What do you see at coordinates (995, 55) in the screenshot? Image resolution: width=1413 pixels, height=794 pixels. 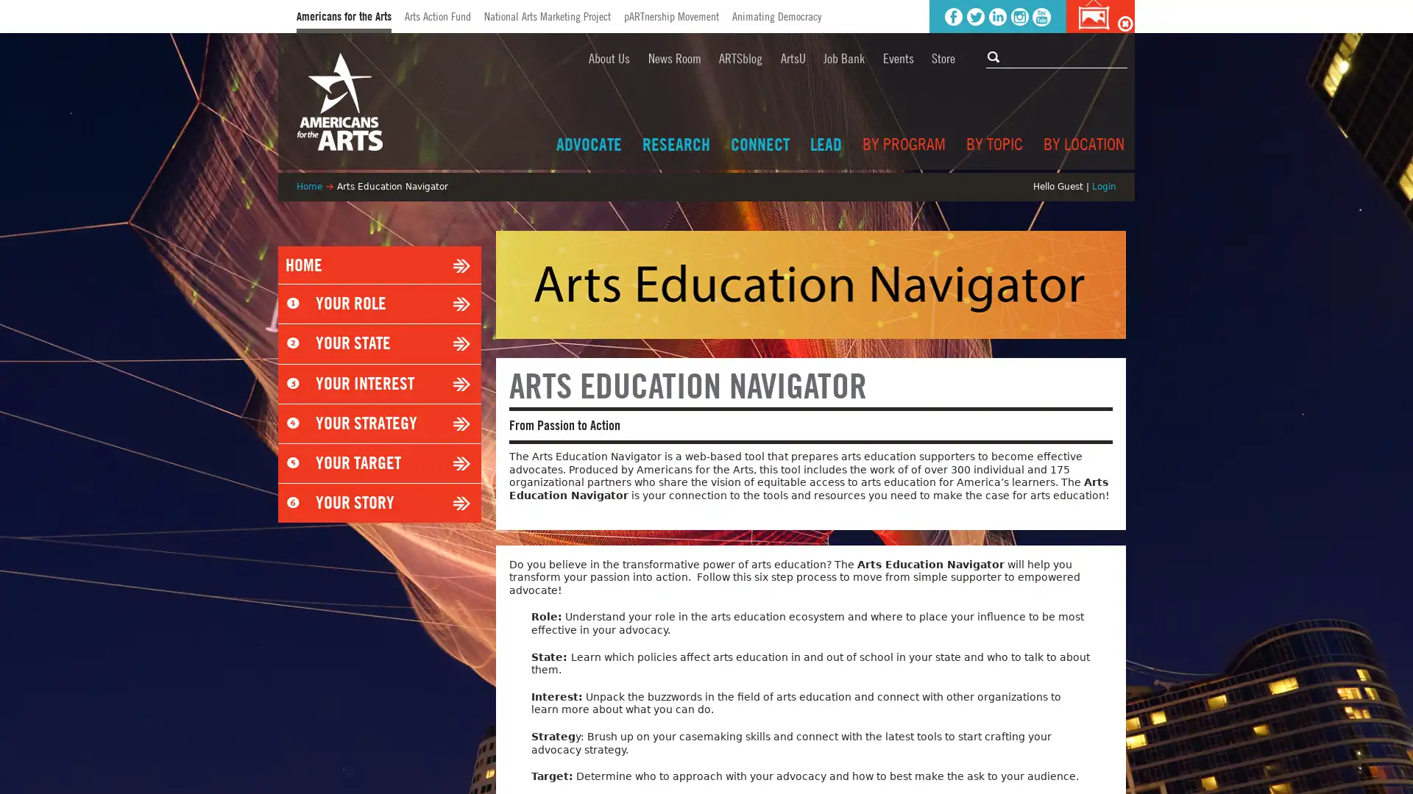 I see `Search` at bounding box center [995, 55].